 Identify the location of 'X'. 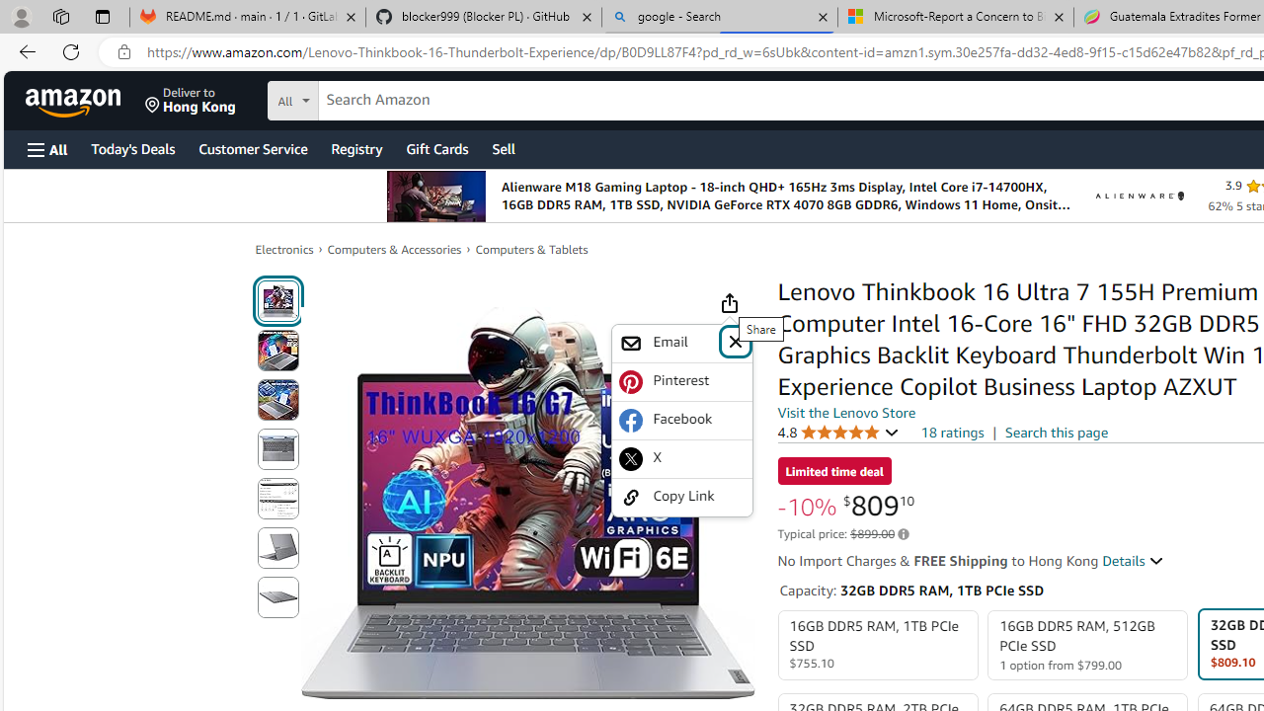
(681, 458).